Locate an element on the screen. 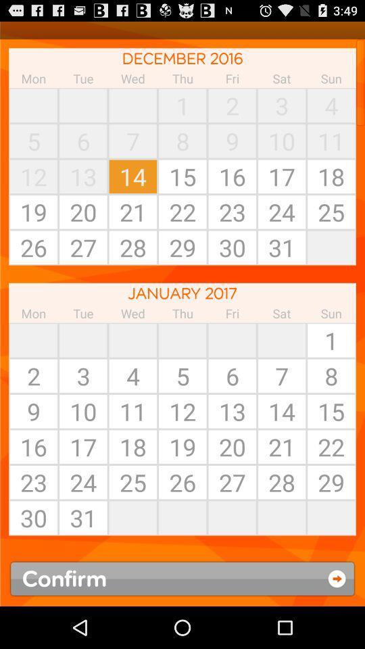 This screenshot has width=365, height=649. the date 3 from month january 2017 is located at coordinates (83, 376).